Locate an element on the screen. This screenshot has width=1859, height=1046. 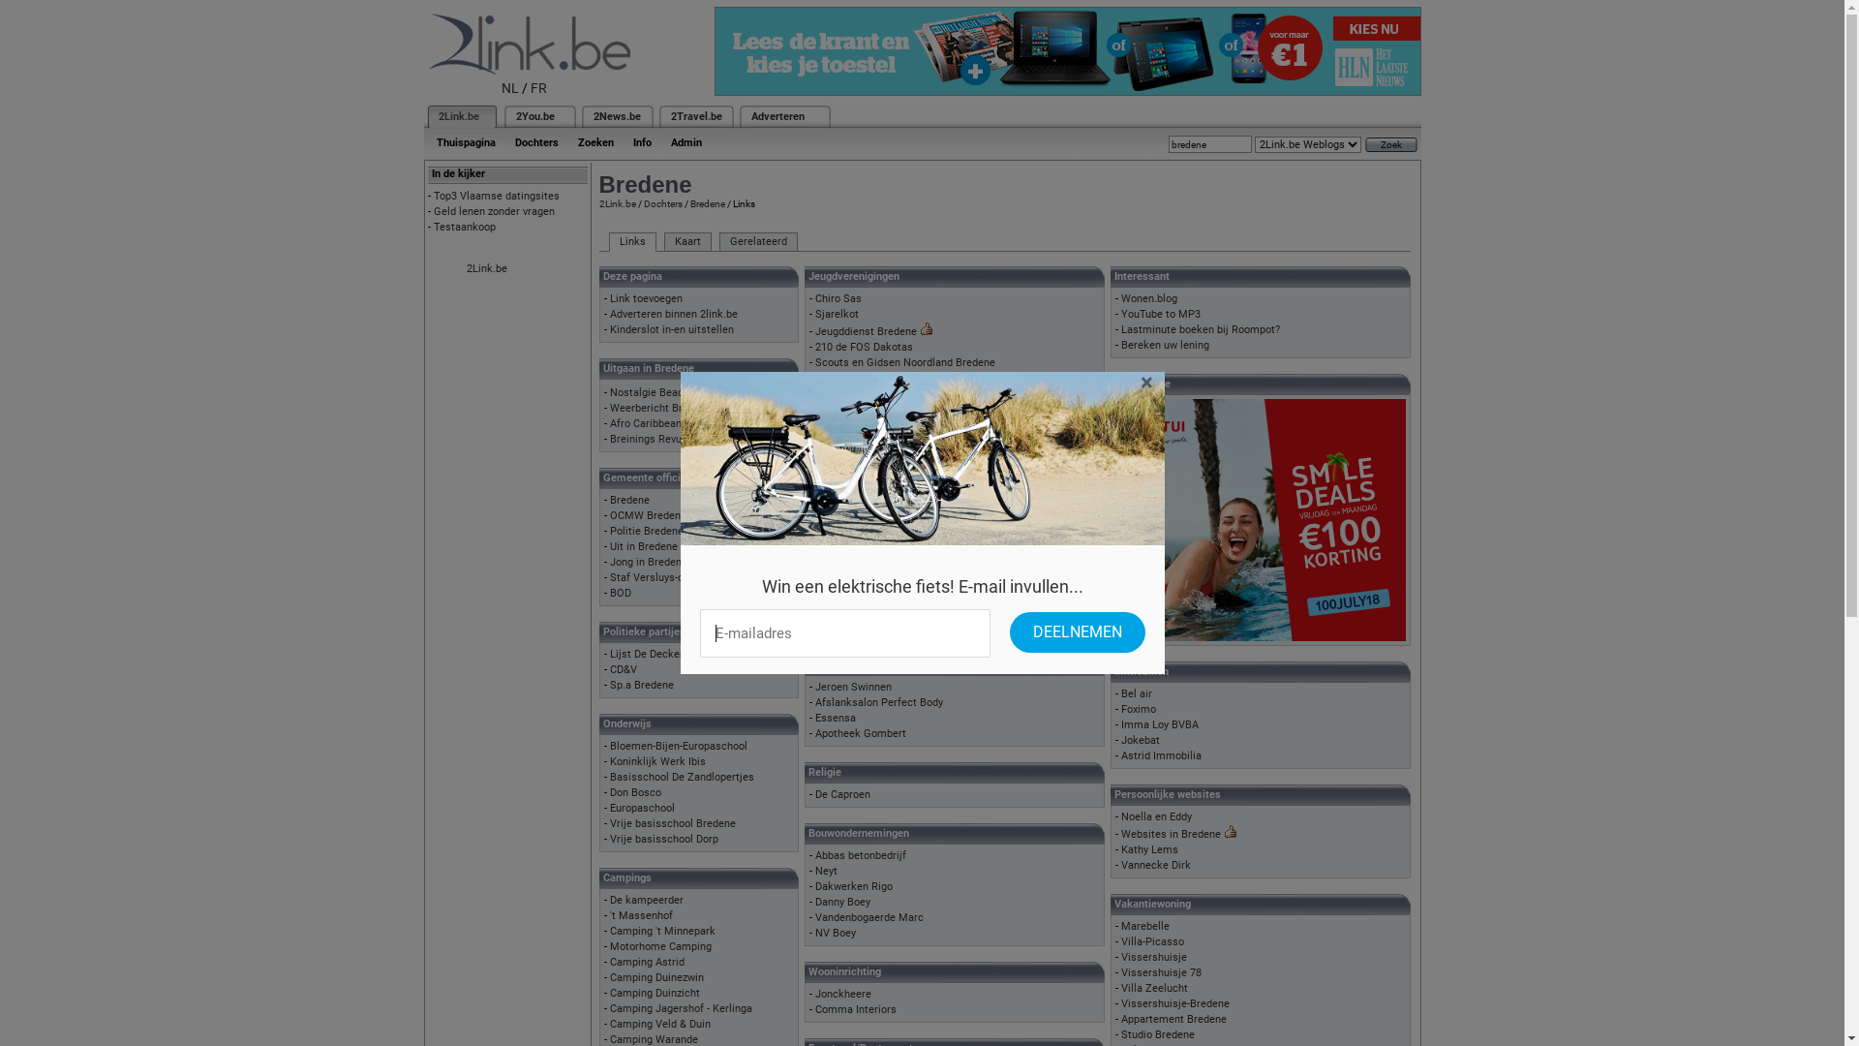
'Villa Zeelucht' is located at coordinates (1154, 988).